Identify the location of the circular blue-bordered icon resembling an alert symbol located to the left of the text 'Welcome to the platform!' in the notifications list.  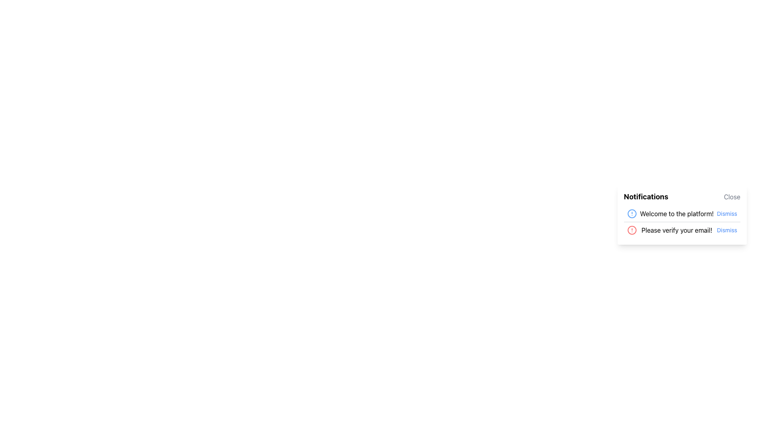
(631, 213).